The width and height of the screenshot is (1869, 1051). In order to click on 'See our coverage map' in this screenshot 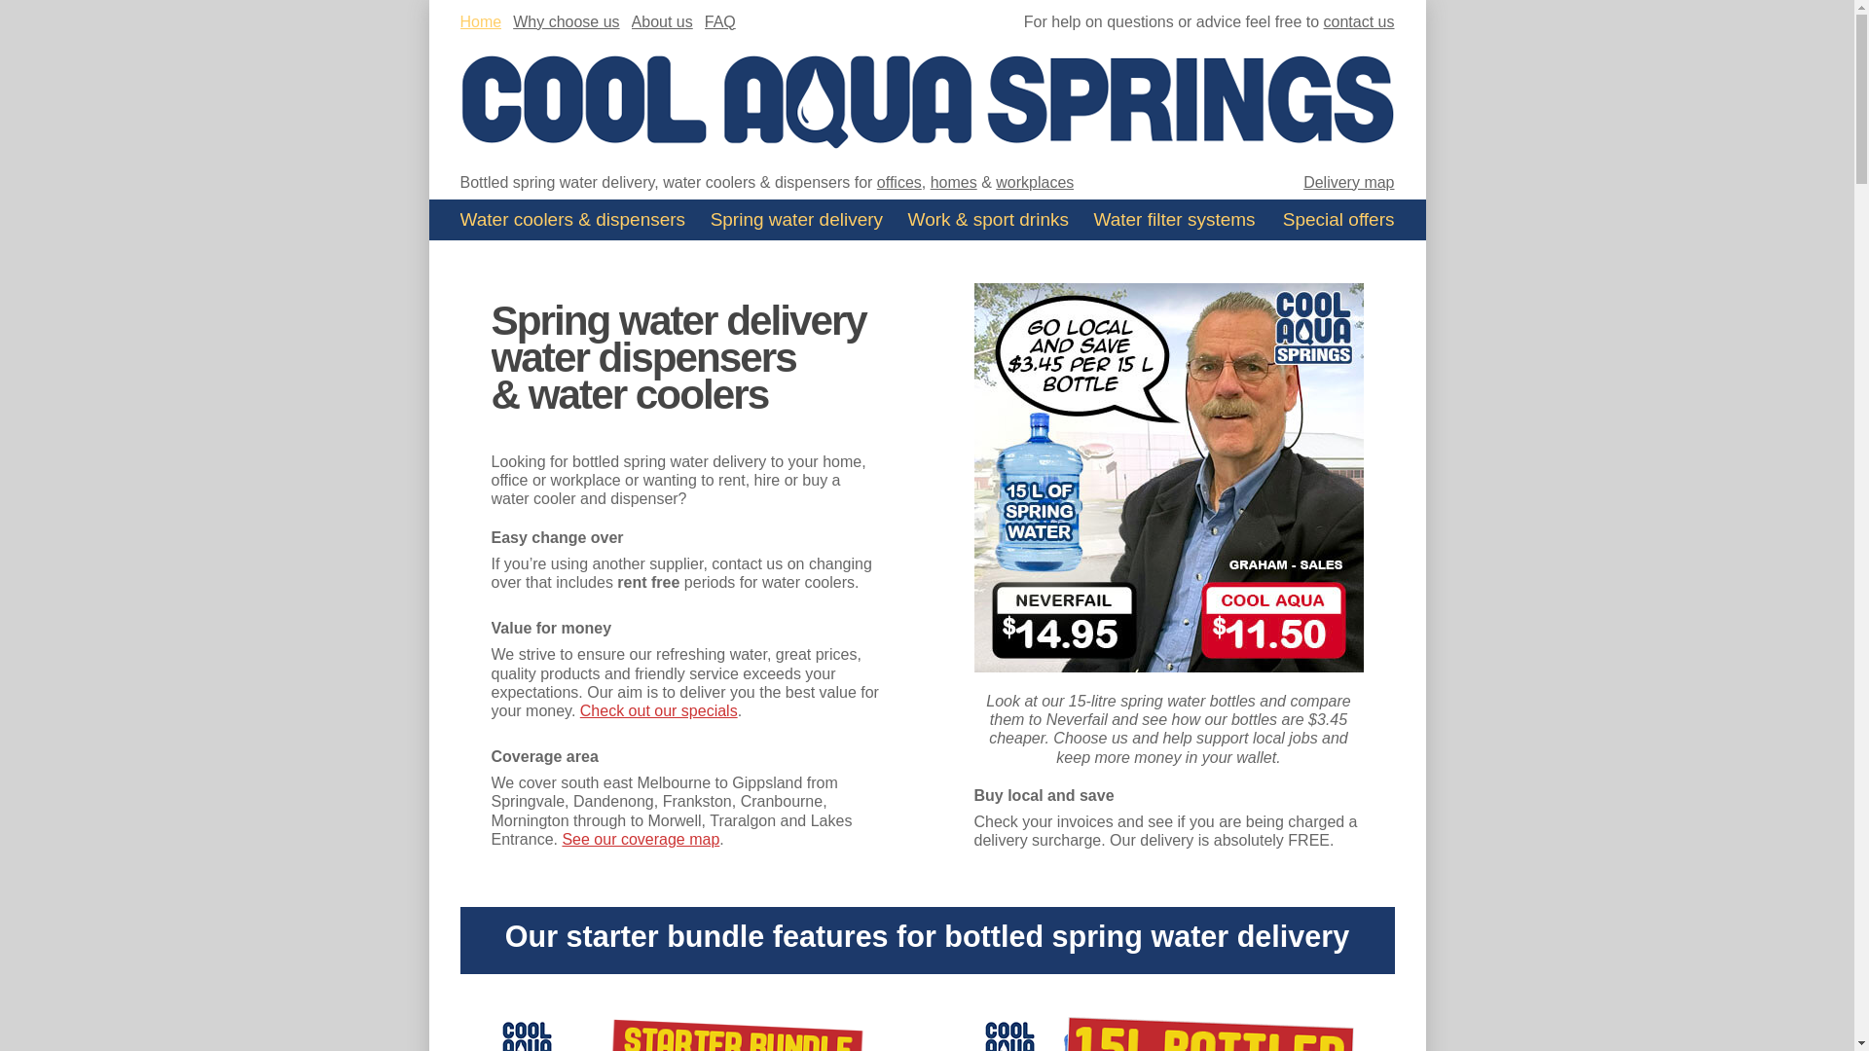, I will do `click(640, 838)`.